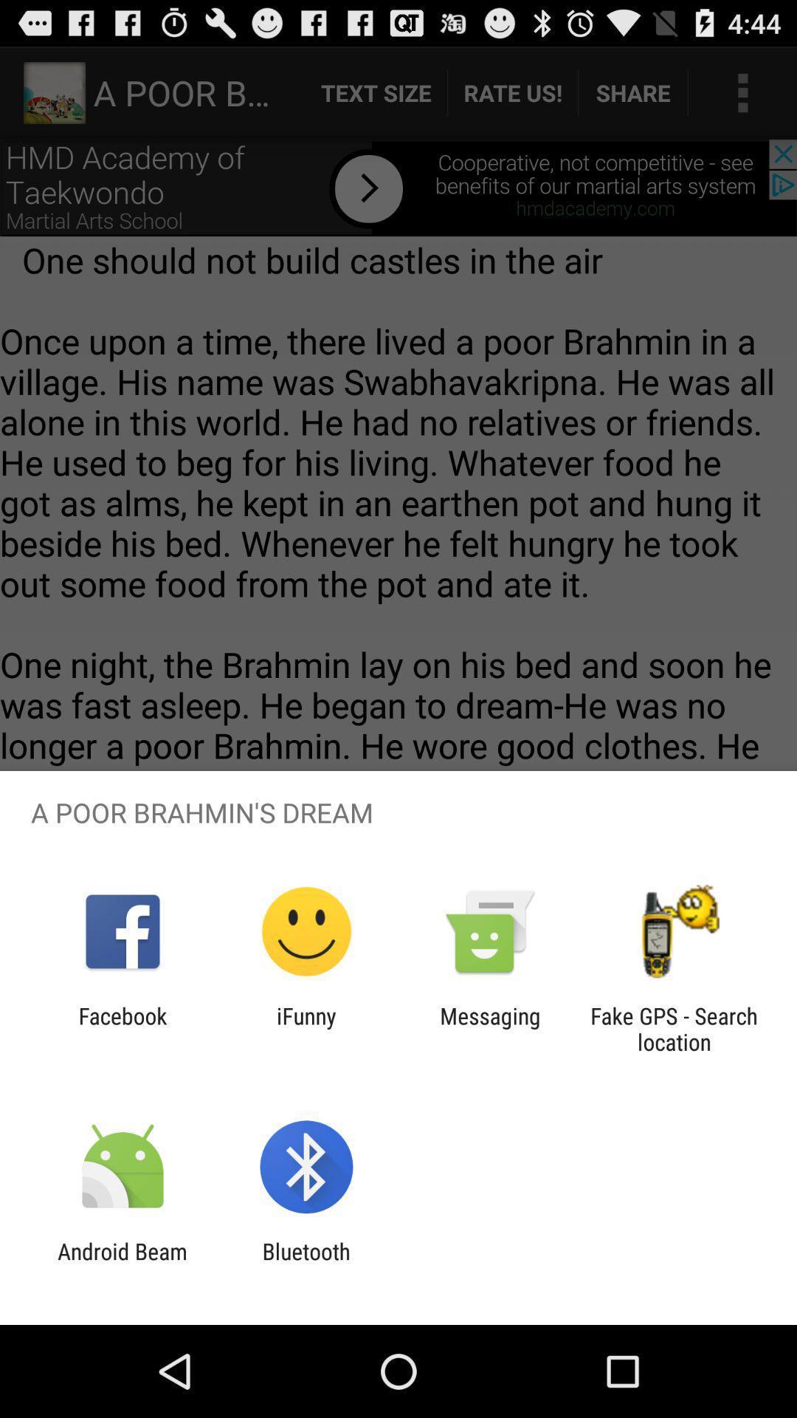  I want to click on app next to android beam item, so click(306, 1264).